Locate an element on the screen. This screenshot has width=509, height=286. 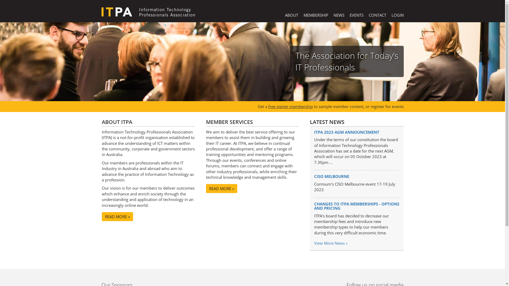
'ITPA 2023 AGM ANNOUNCEMENT' is located at coordinates (314, 132).